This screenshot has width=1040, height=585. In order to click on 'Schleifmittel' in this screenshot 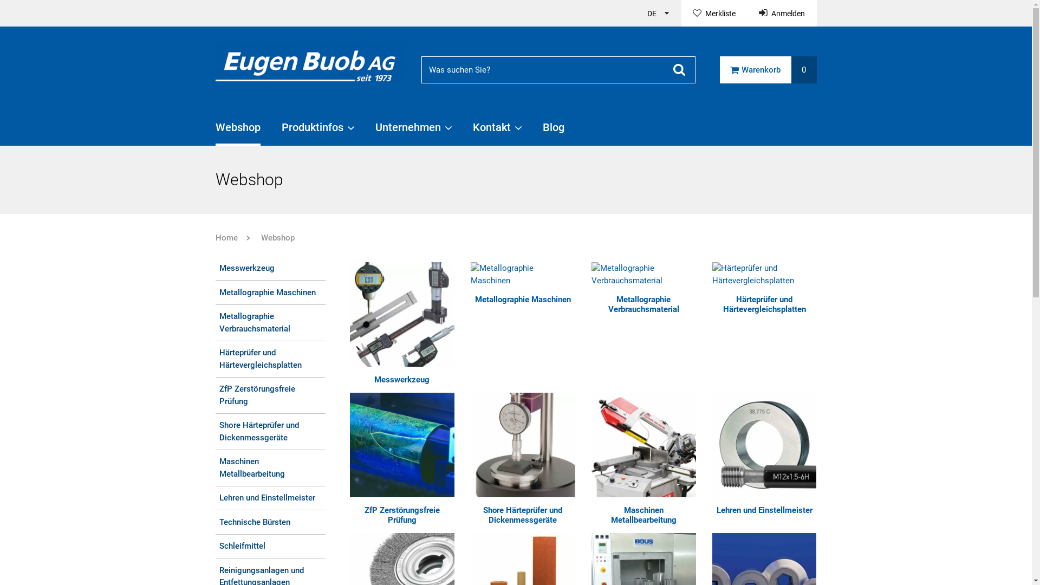, I will do `click(270, 547)`.